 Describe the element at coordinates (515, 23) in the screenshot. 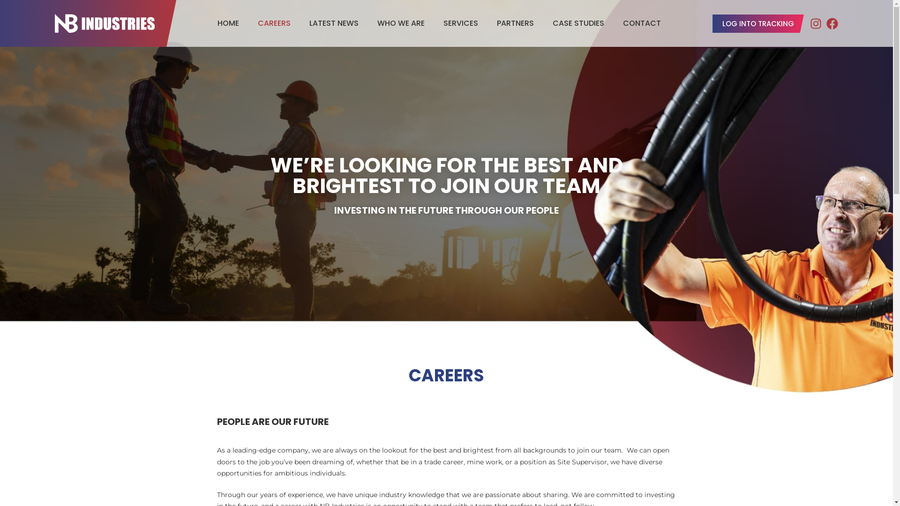

I see `'PARTNERS'` at that location.